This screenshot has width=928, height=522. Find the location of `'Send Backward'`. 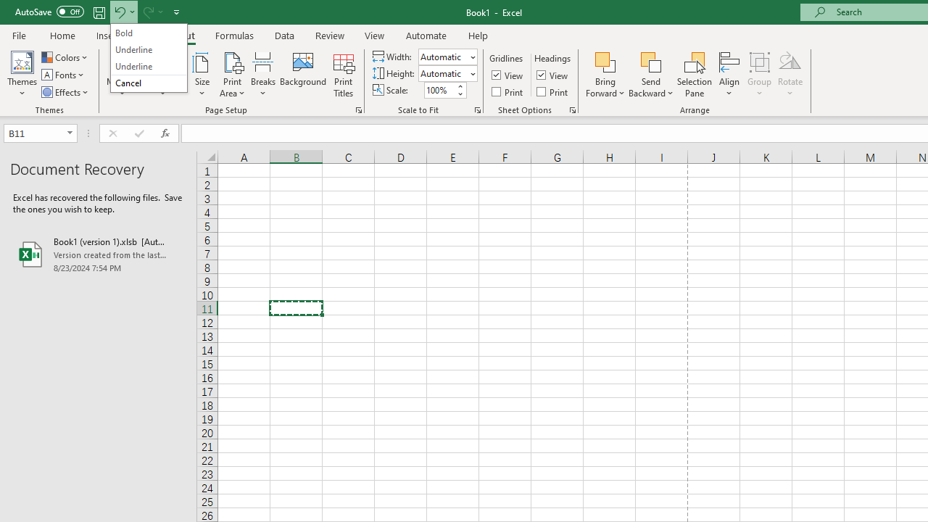

'Send Backward' is located at coordinates (650, 75).